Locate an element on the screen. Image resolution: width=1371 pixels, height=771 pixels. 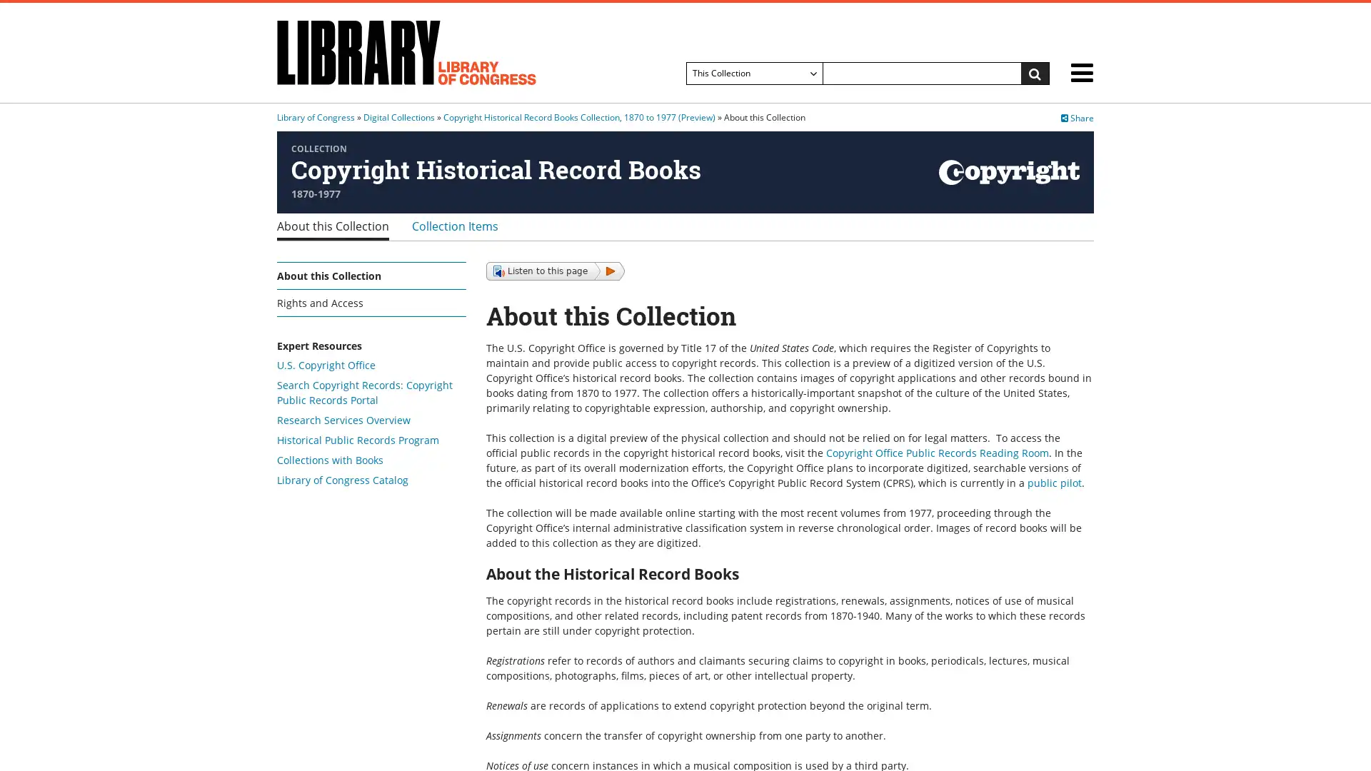
menu is located at coordinates (1082, 75).